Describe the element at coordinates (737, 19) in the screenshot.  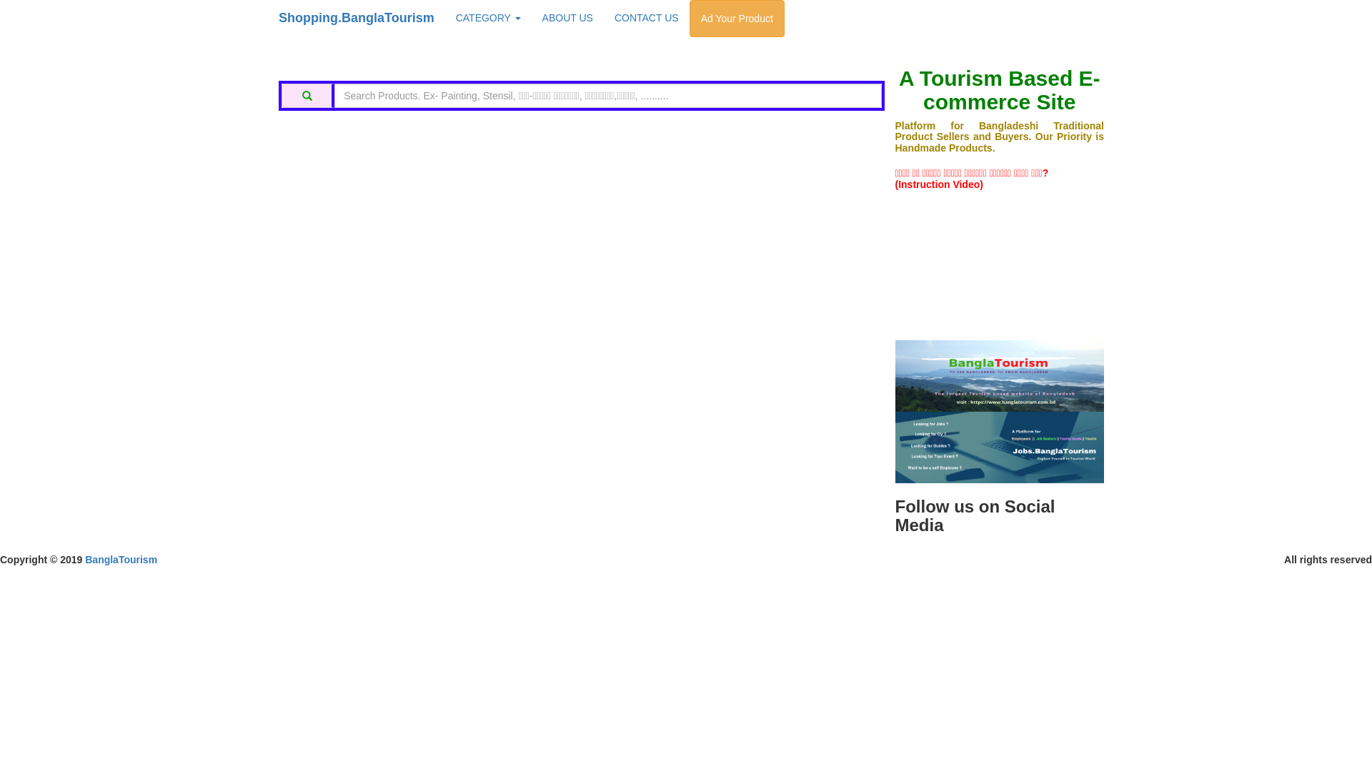
I see `'Ad Your Product'` at that location.